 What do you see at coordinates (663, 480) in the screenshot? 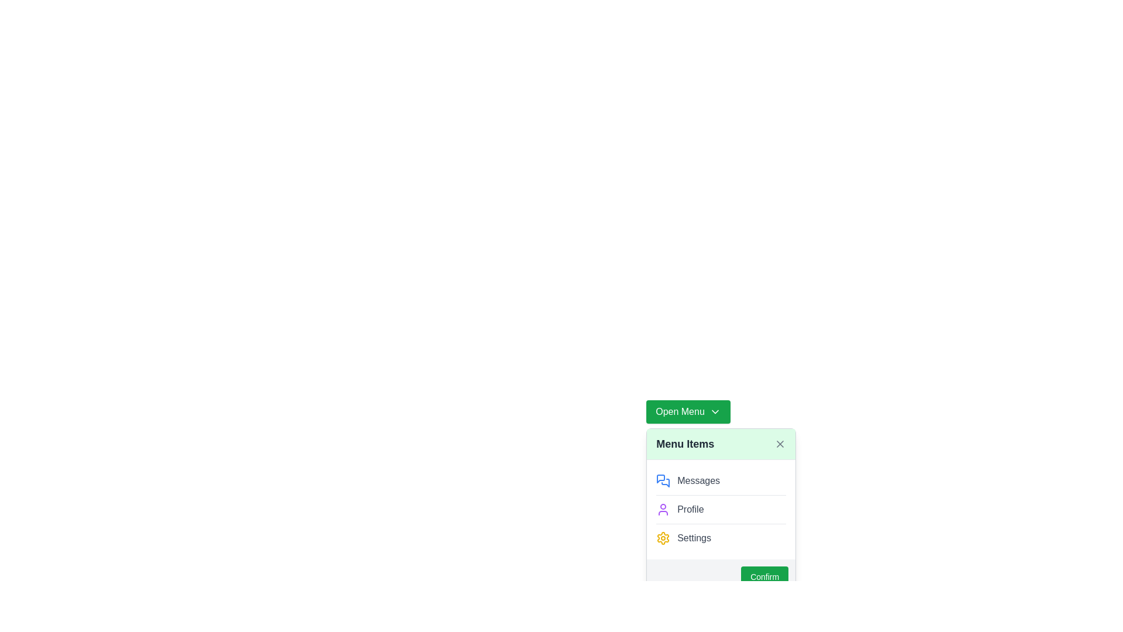
I see `the 'Messages' menu icon, which is the first item in the 'Menu Items' window and located to the left of the 'Messages' label` at bounding box center [663, 480].